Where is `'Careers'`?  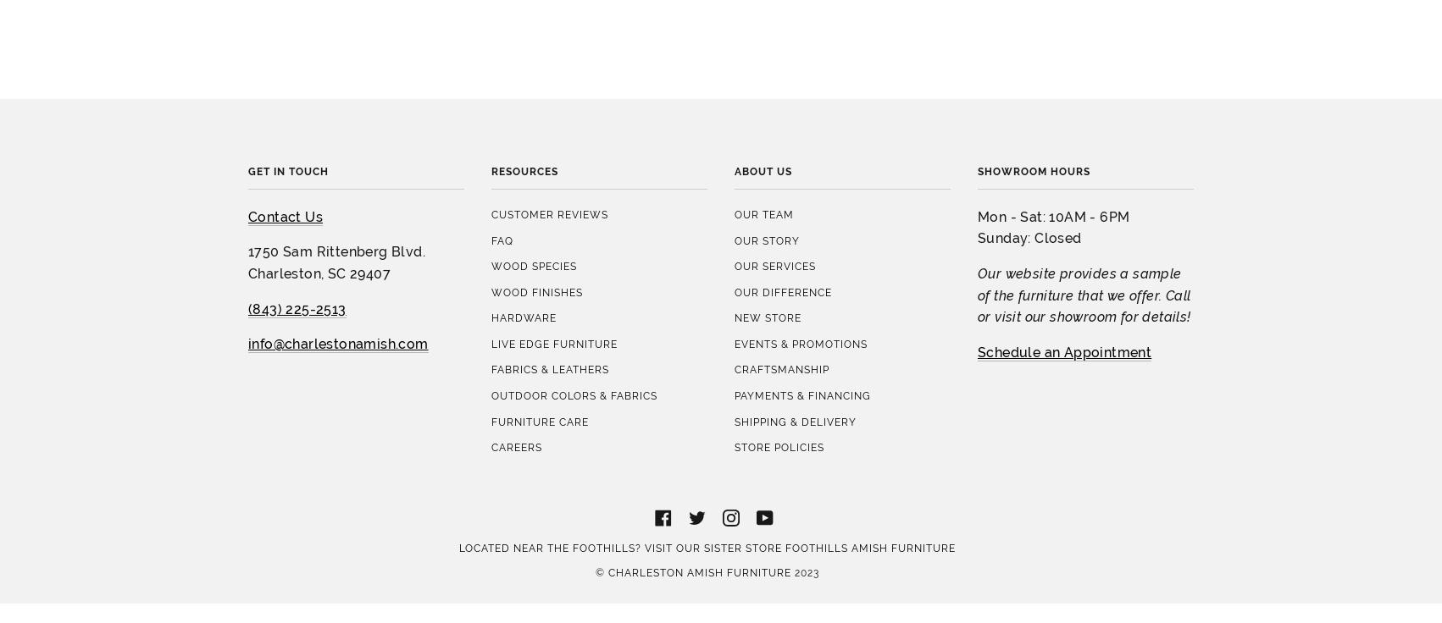 'Careers' is located at coordinates (516, 297).